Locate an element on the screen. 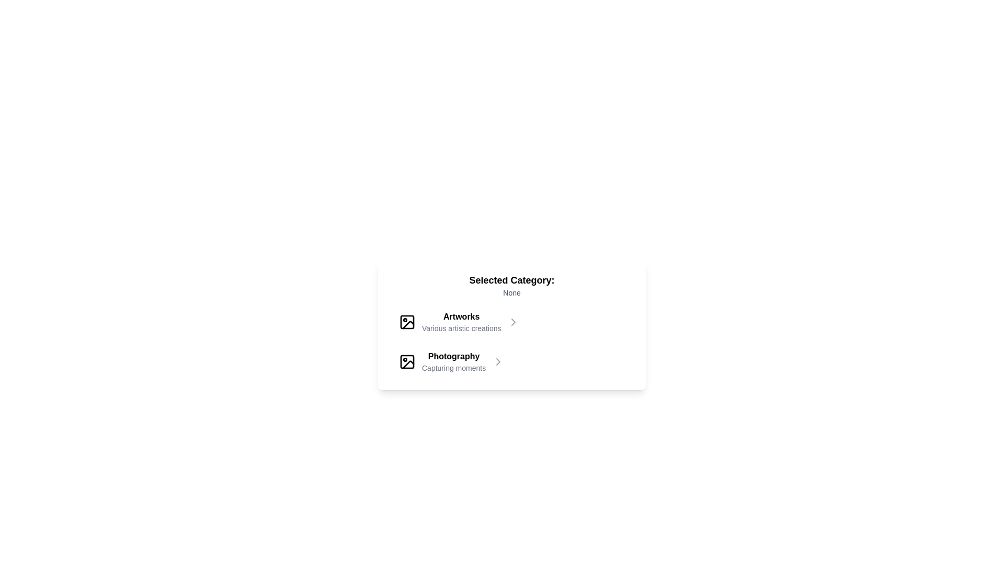  the Static Text element that reads 'Capturing moments,' which is styled in gray and located below the title 'Photography.' is located at coordinates (454, 368).